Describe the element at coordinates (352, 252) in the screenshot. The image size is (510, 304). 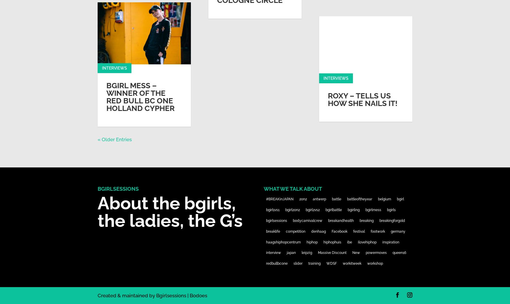
I see `'New'` at that location.